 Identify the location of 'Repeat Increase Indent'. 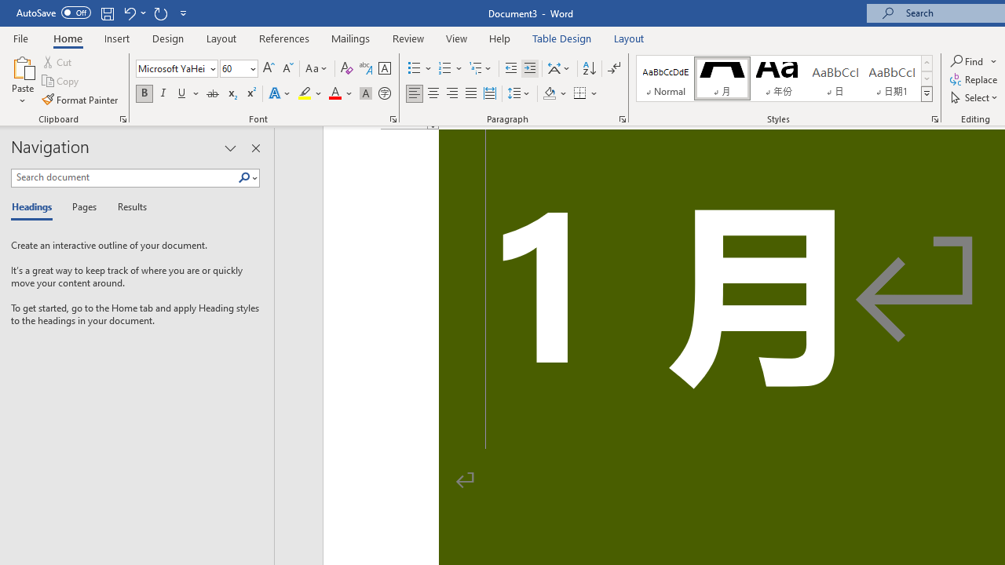
(160, 13).